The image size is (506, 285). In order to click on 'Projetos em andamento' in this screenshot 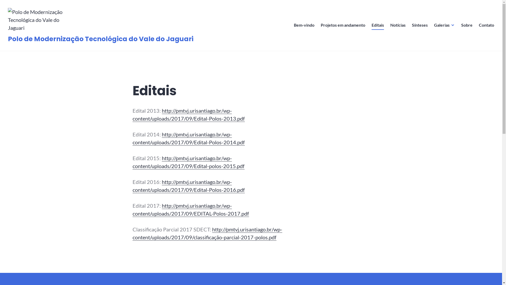, I will do `click(343, 25)`.